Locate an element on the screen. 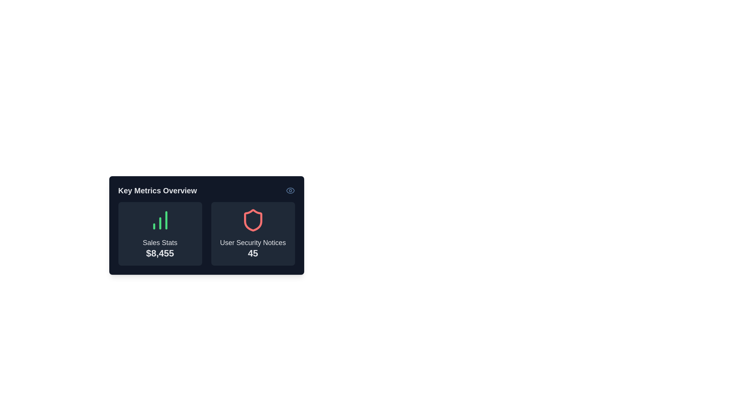  the first card in the grid layout that displays sales data, positioned to the left of the 'User Security Notices' card is located at coordinates (160, 233).